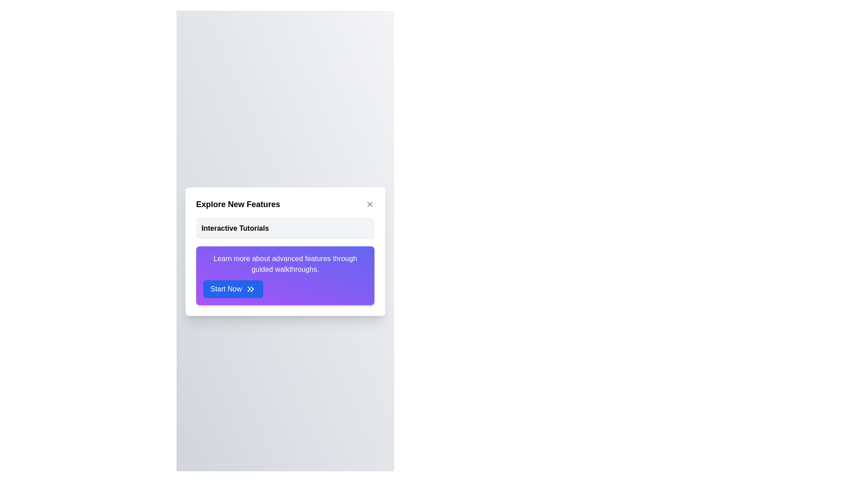 The height and width of the screenshot is (482, 858). What do you see at coordinates (235, 228) in the screenshot?
I see `the static text label component that serves as a heading for the 'Explore New Features' section` at bounding box center [235, 228].